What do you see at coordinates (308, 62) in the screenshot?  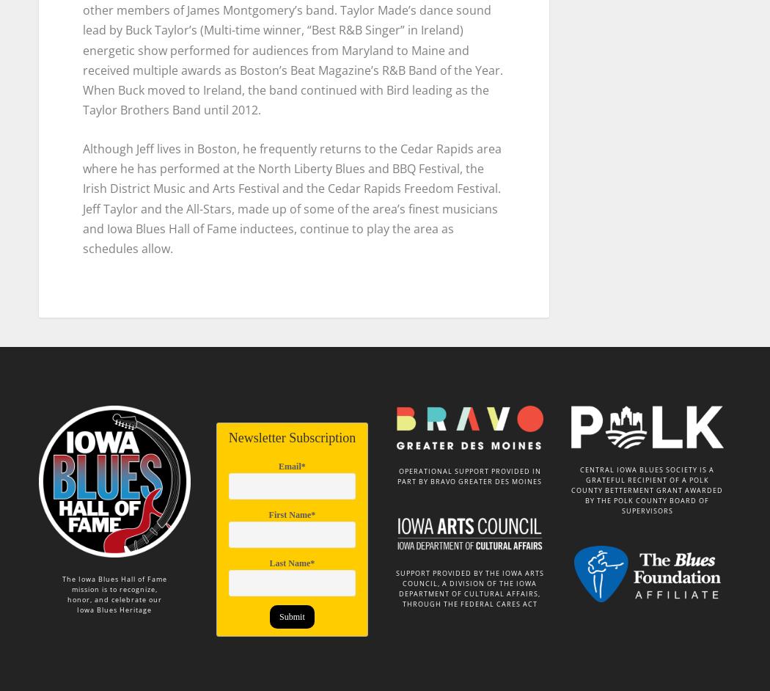 I see `'Boston’s Beat Magazine’s'` at bounding box center [308, 62].